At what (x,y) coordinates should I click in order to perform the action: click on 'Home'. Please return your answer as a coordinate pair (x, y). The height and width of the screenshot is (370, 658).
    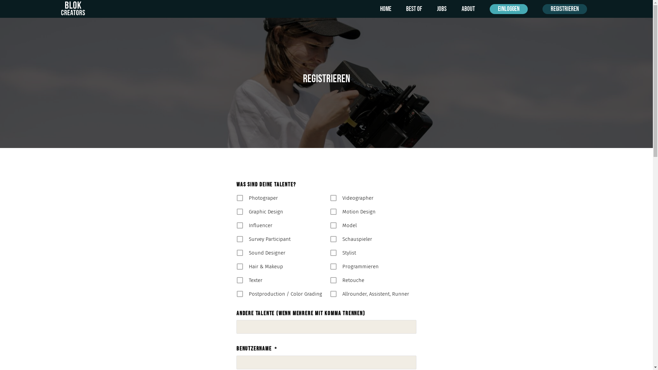
    Looking at the image, I should click on (379, 9).